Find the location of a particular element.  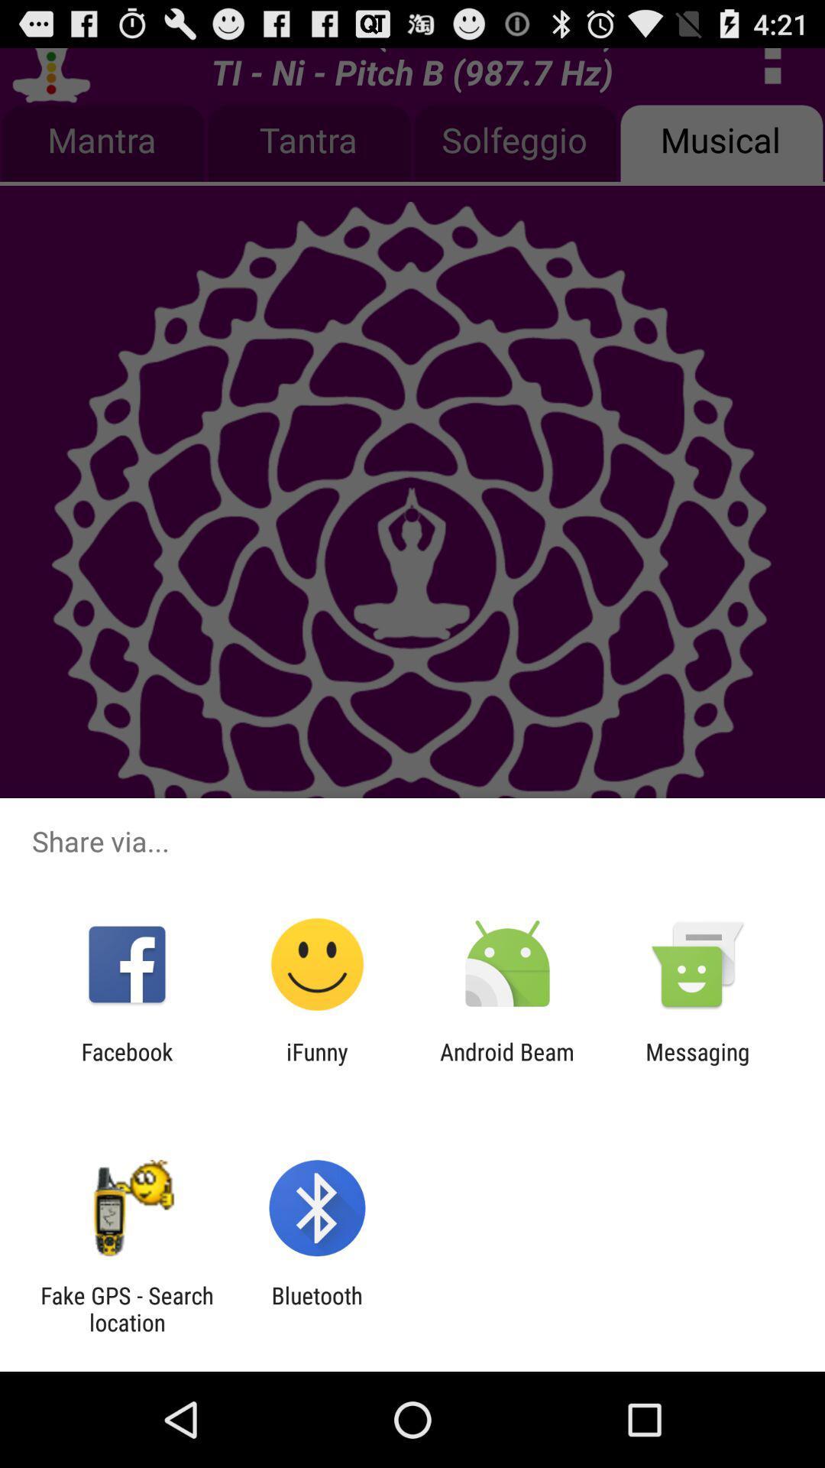

the messaging at the bottom right corner is located at coordinates (697, 1064).